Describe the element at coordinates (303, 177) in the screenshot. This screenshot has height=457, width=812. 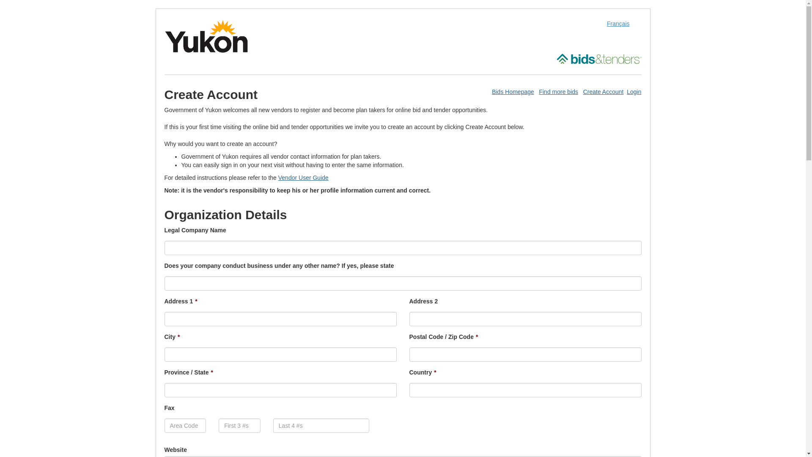
I see `'Vendor User Guide'` at that location.